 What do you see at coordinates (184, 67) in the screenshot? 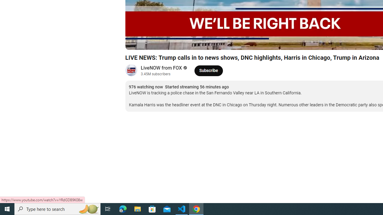
I see `'Verified'` at bounding box center [184, 67].